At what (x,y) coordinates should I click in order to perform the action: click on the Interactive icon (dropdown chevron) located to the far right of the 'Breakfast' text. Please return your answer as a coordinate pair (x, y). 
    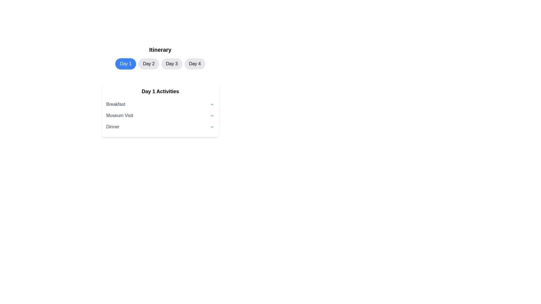
    Looking at the image, I should click on (212, 104).